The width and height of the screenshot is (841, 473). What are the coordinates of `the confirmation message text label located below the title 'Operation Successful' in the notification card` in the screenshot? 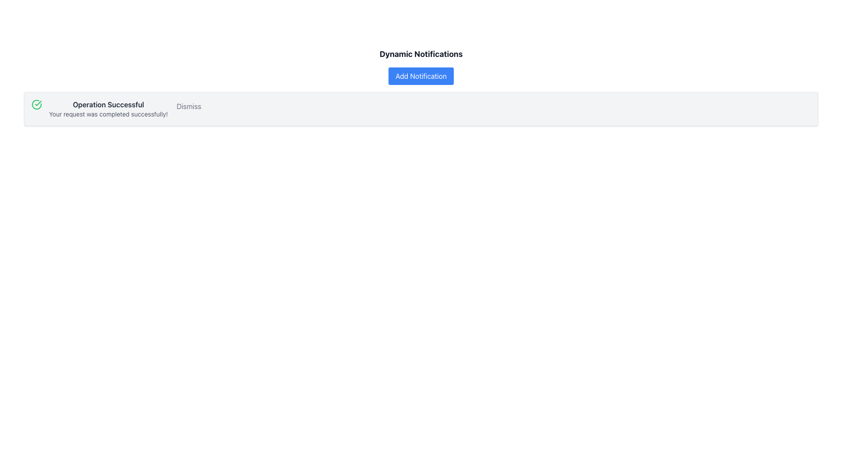 It's located at (108, 114).